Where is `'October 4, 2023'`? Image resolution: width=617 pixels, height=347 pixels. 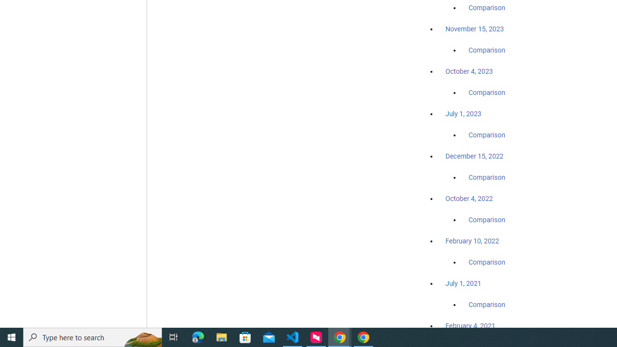
'October 4, 2023' is located at coordinates (469, 71).